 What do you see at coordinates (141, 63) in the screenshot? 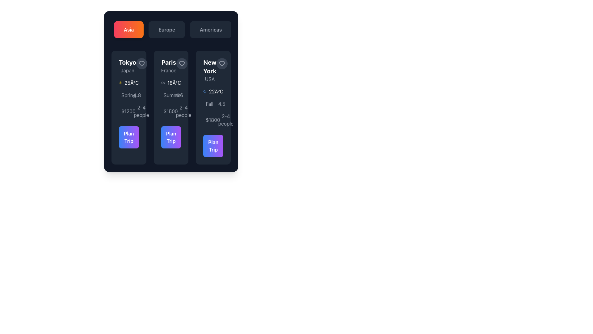
I see `the circular interactive button with a heart icon located at the top-right of the Tokyo card` at bounding box center [141, 63].